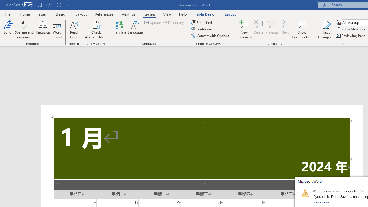 Image resolution: width=368 pixels, height=207 pixels. Describe the element at coordinates (326, 24) in the screenshot. I see `'Track Changes'` at that location.